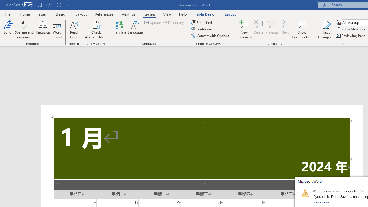 Image resolution: width=368 pixels, height=207 pixels. Describe the element at coordinates (326, 24) in the screenshot. I see `'Track Changes'` at that location.